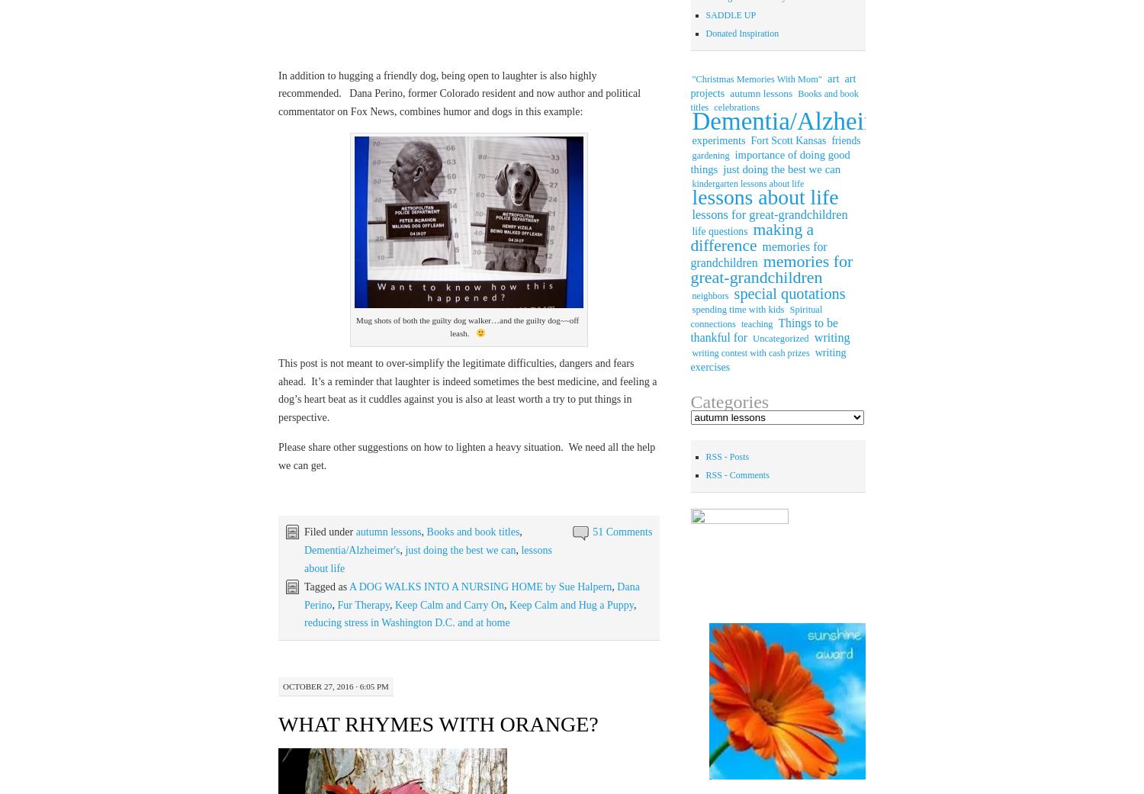 The height and width of the screenshot is (794, 1144). What do you see at coordinates (757, 254) in the screenshot?
I see `'memories for grandchildren'` at bounding box center [757, 254].